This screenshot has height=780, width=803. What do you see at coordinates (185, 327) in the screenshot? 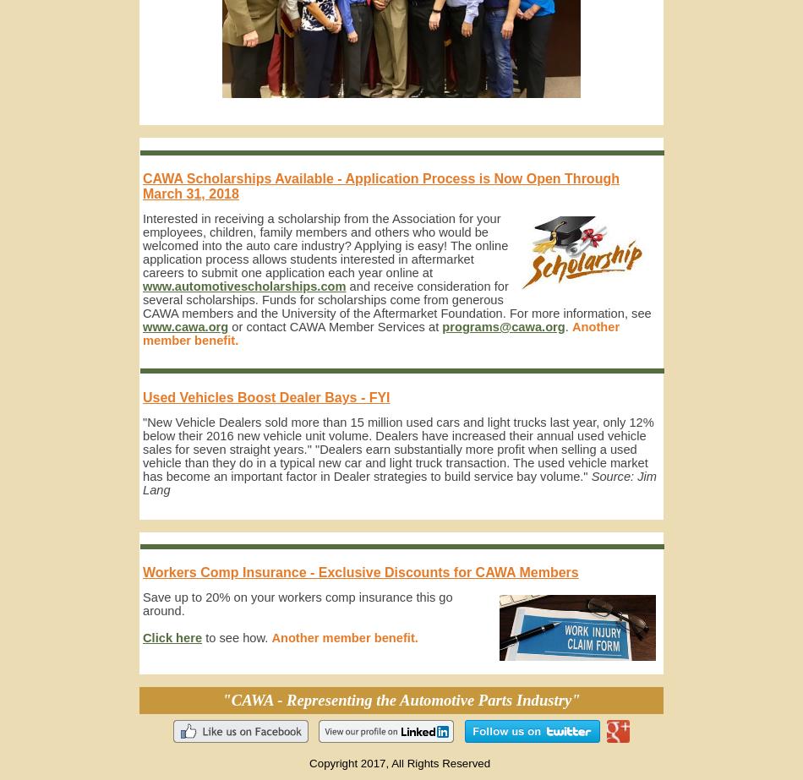
I see `'www.cawa.org'` at bounding box center [185, 327].